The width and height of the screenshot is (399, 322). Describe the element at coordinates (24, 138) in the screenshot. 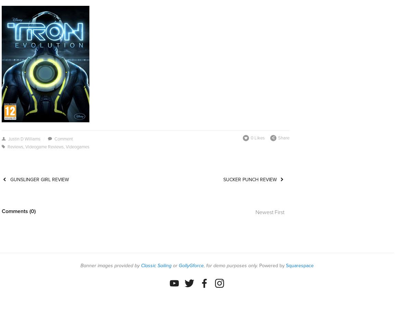

I see `'Justin D Williams'` at that location.